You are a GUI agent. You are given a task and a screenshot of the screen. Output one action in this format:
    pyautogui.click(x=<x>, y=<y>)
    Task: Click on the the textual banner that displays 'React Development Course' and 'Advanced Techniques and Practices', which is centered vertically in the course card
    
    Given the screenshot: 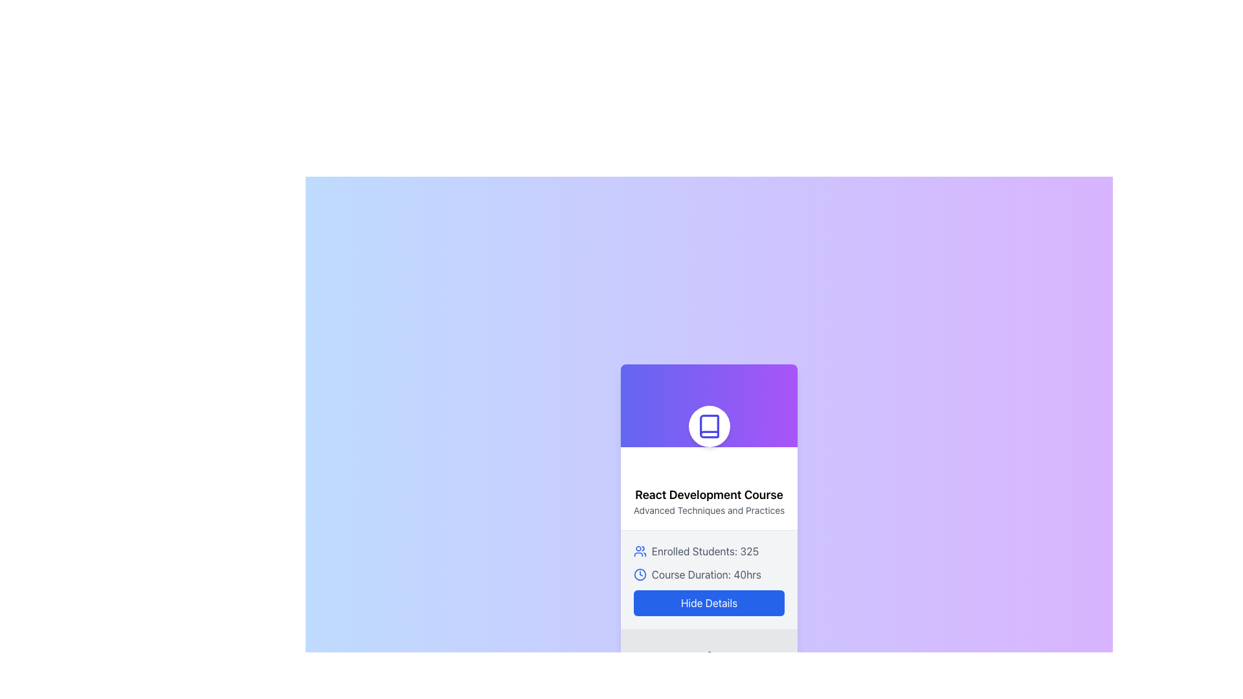 What is the action you would take?
    pyautogui.click(x=708, y=501)
    